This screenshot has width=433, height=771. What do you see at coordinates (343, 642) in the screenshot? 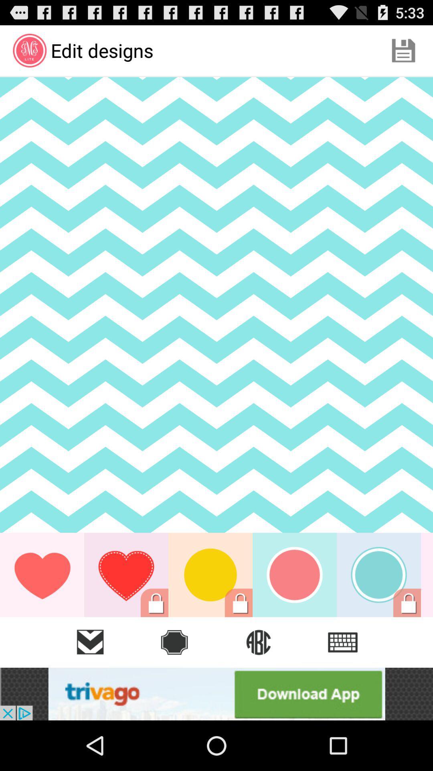
I see `the list icon` at bounding box center [343, 642].